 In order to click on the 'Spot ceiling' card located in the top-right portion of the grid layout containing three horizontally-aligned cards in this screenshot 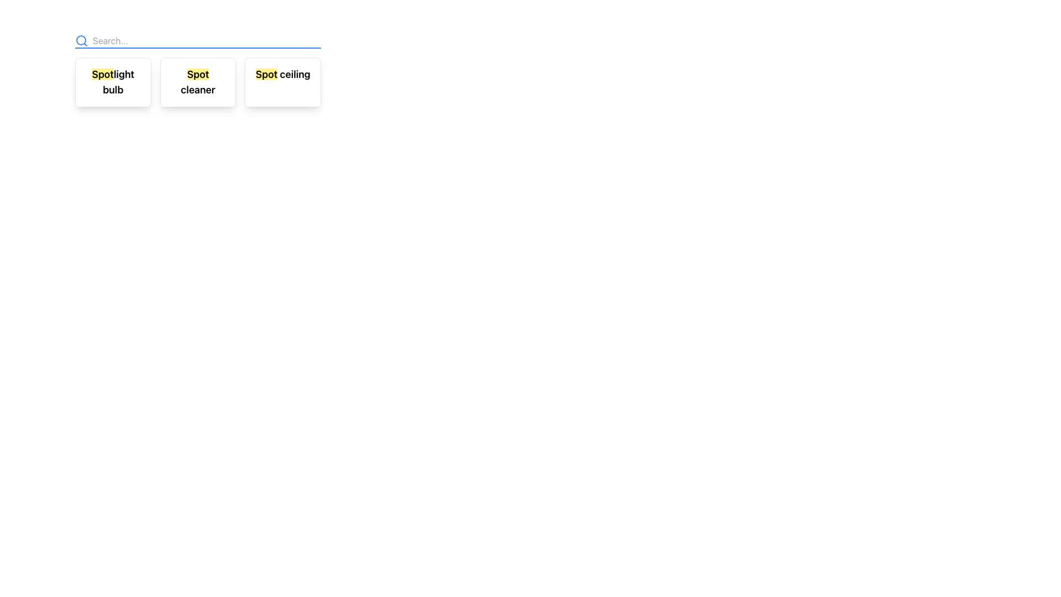, I will do `click(283, 82)`.